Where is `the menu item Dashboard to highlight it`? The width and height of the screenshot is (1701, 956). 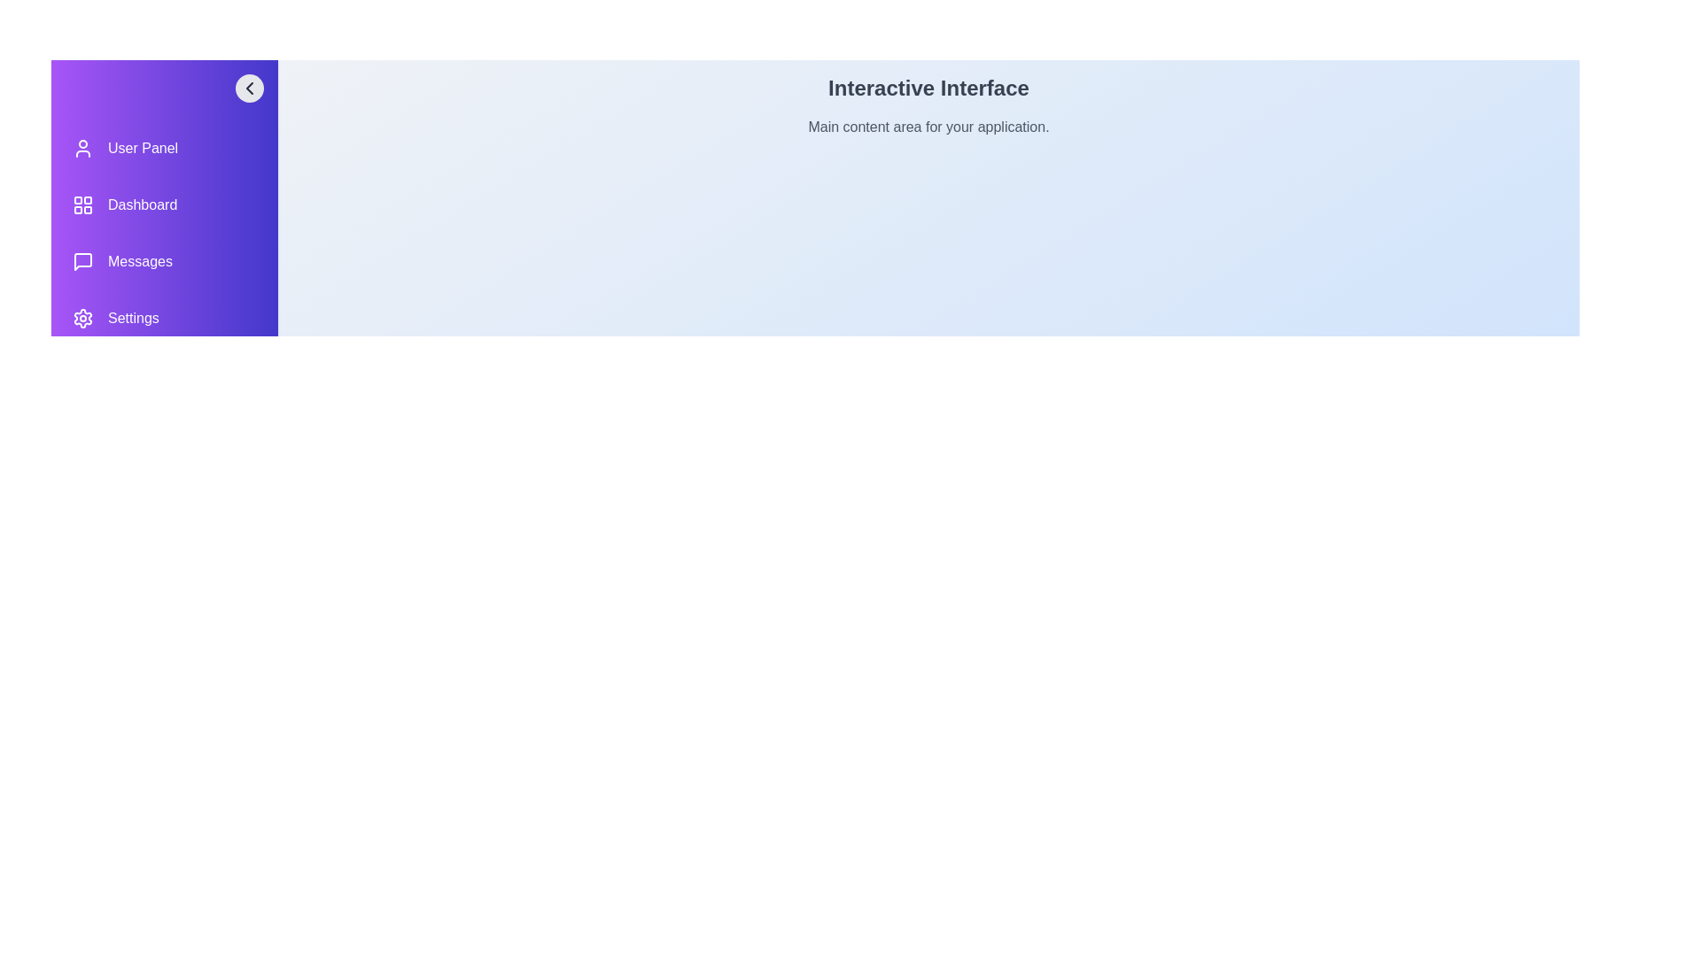
the menu item Dashboard to highlight it is located at coordinates (165, 204).